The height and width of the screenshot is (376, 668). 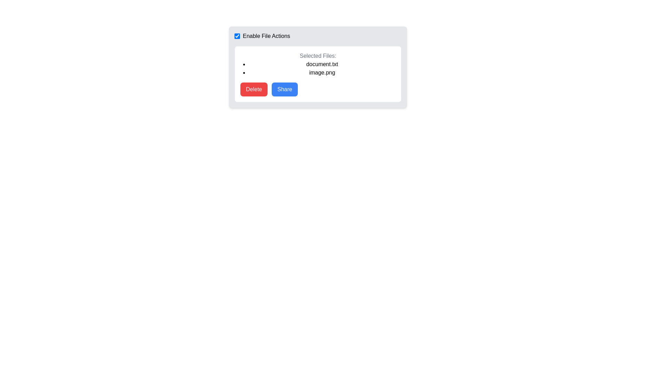 What do you see at coordinates (322, 72) in the screenshot?
I see `the text label displaying the filename 'image.png'` at bounding box center [322, 72].